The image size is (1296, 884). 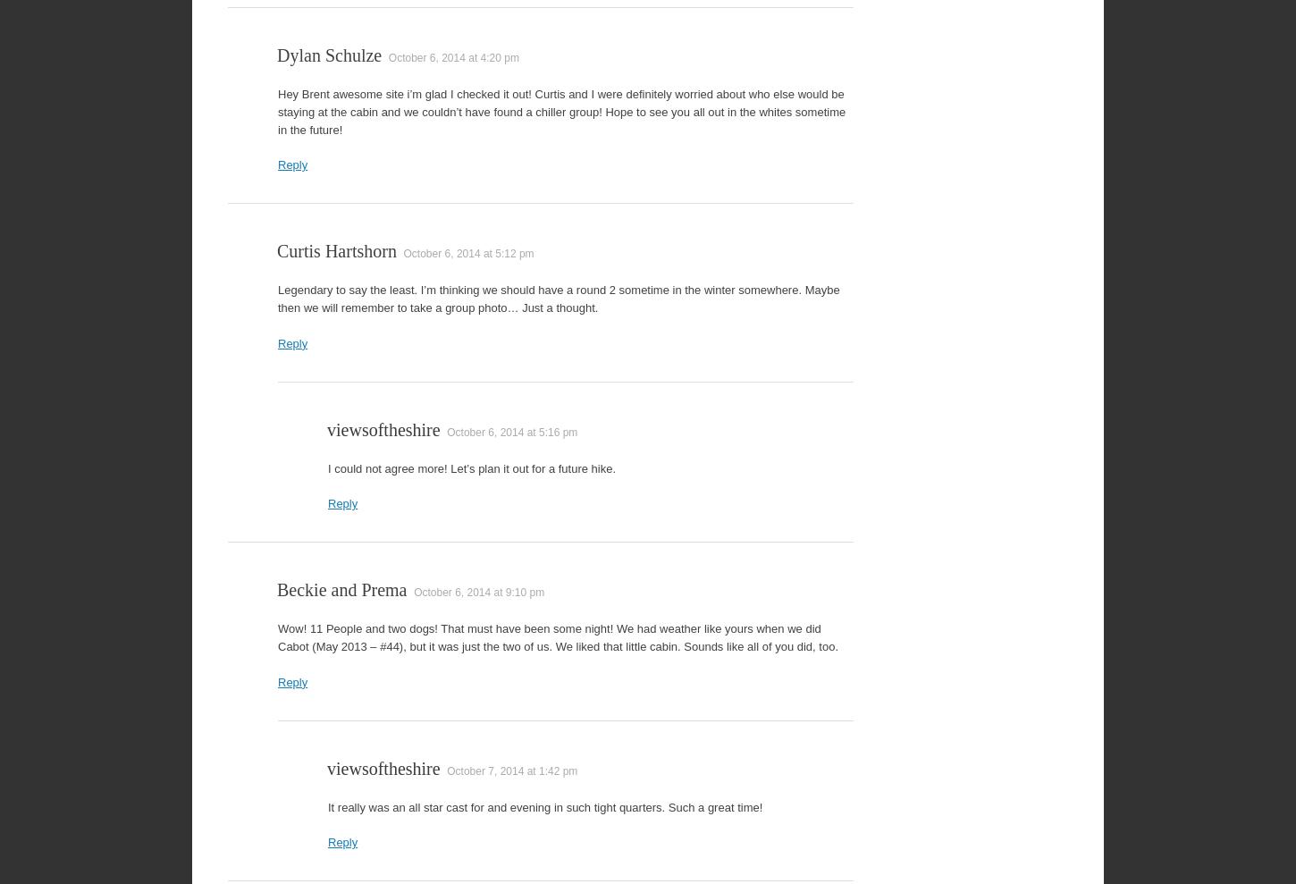 I want to click on 'Legendary to say the least. I’m thinking we should have a round 2 sometime in the winter somewhere. Maybe then we will remember to take a group photo…  Just a thought.', so click(x=557, y=298).